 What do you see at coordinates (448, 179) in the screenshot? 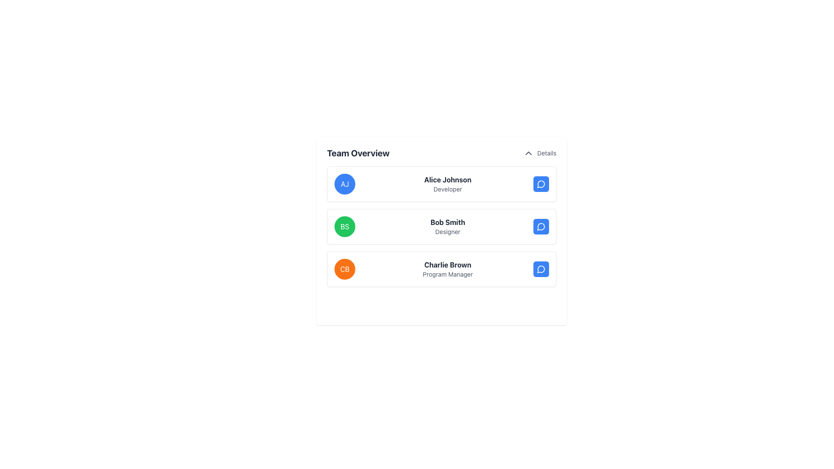
I see `the text element displaying 'Alice Johnson' in bold gray font, located in the 'Team Overview' section, above 'Developer'` at bounding box center [448, 179].